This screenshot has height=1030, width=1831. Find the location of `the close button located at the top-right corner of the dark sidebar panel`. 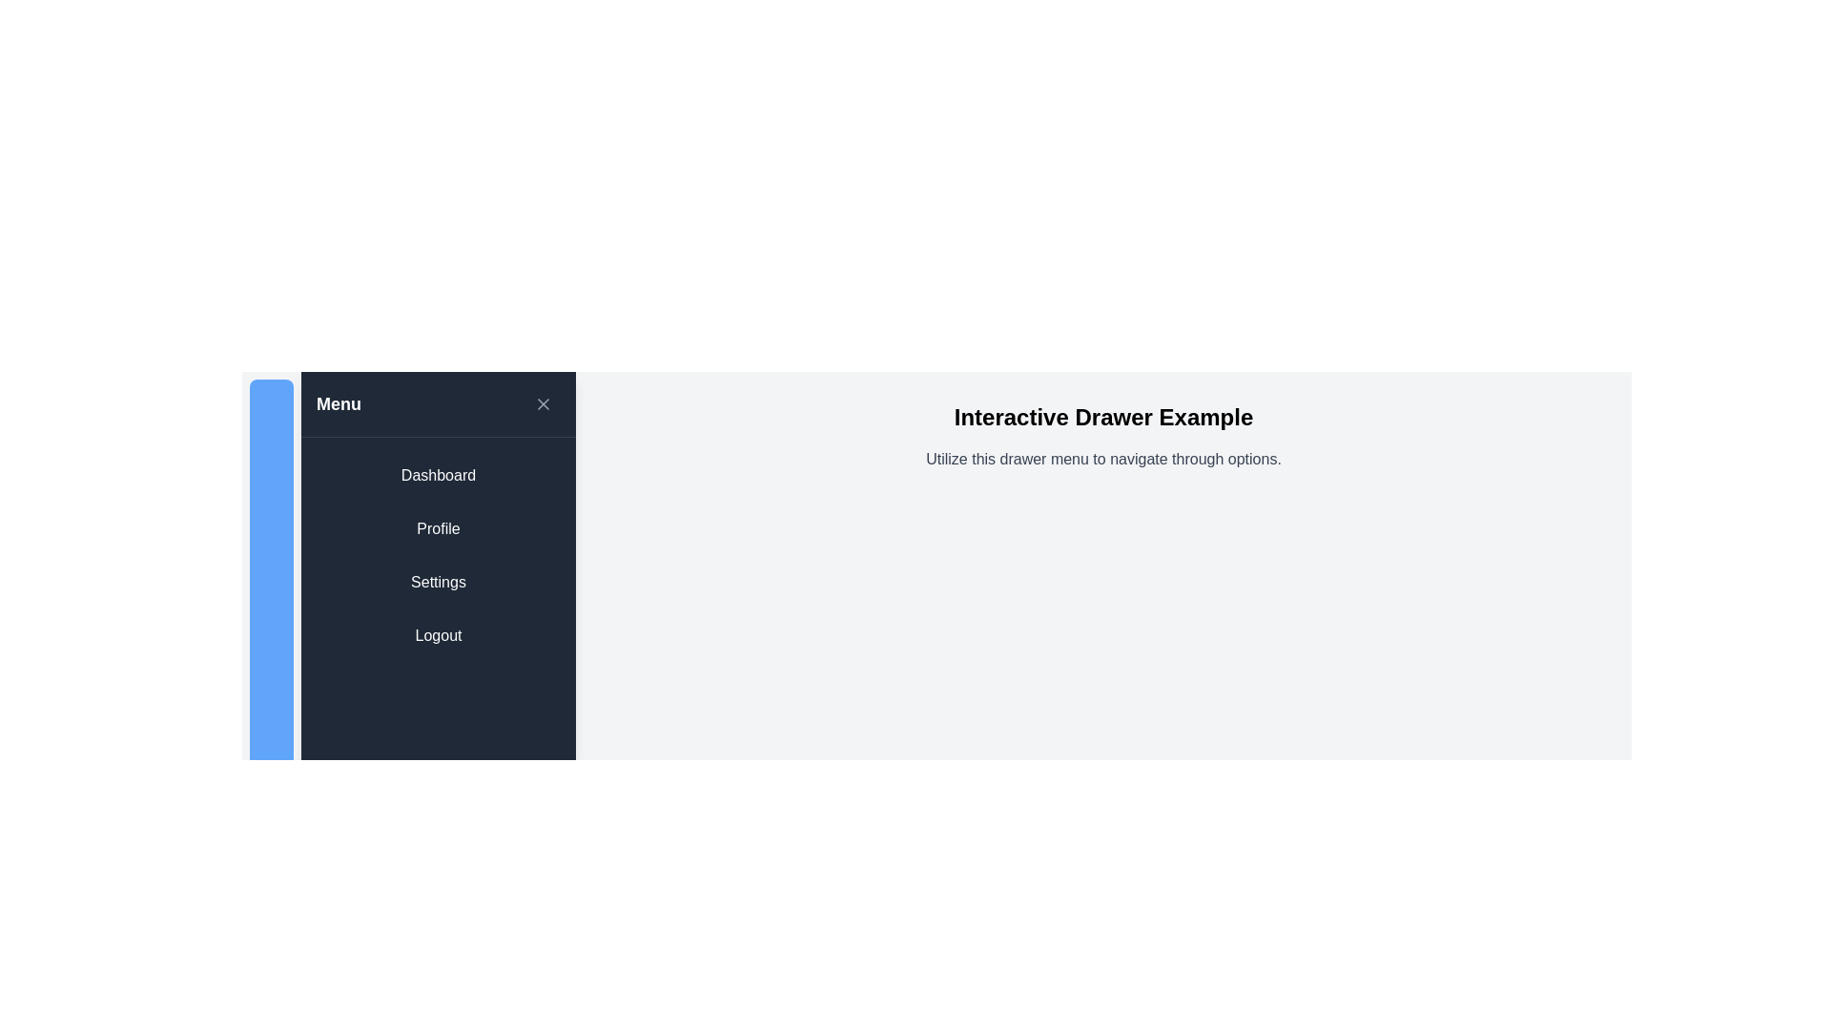

the close button located at the top-right corner of the dark sidebar panel is located at coordinates (543, 403).